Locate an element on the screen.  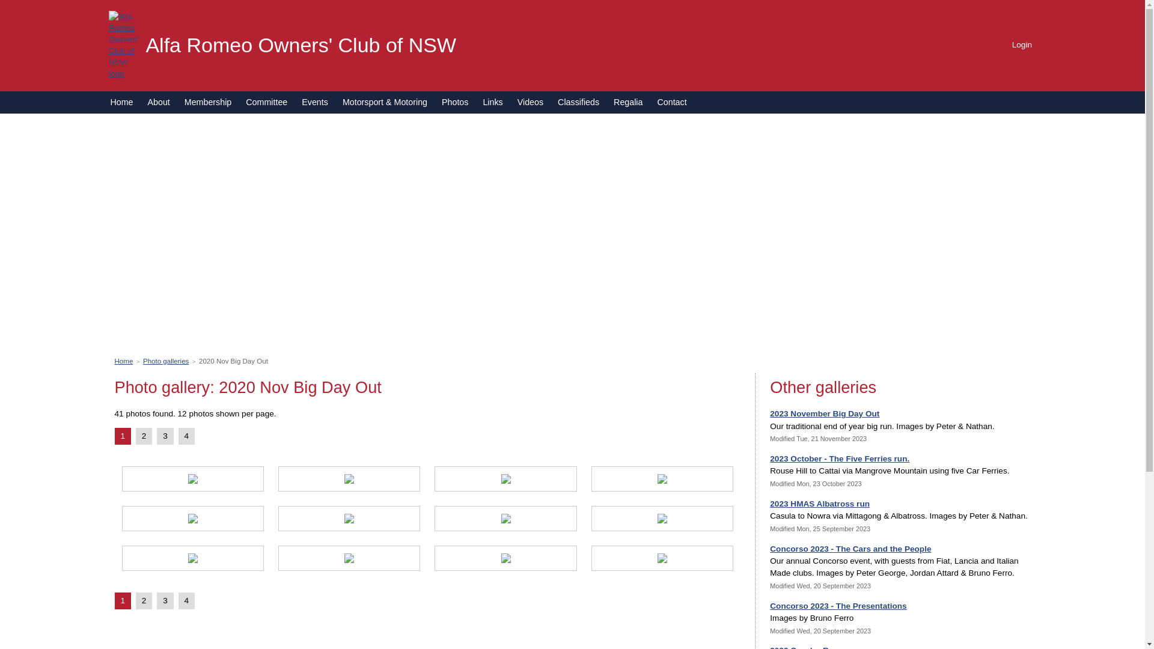
'Photo galleries' is located at coordinates (165, 361).